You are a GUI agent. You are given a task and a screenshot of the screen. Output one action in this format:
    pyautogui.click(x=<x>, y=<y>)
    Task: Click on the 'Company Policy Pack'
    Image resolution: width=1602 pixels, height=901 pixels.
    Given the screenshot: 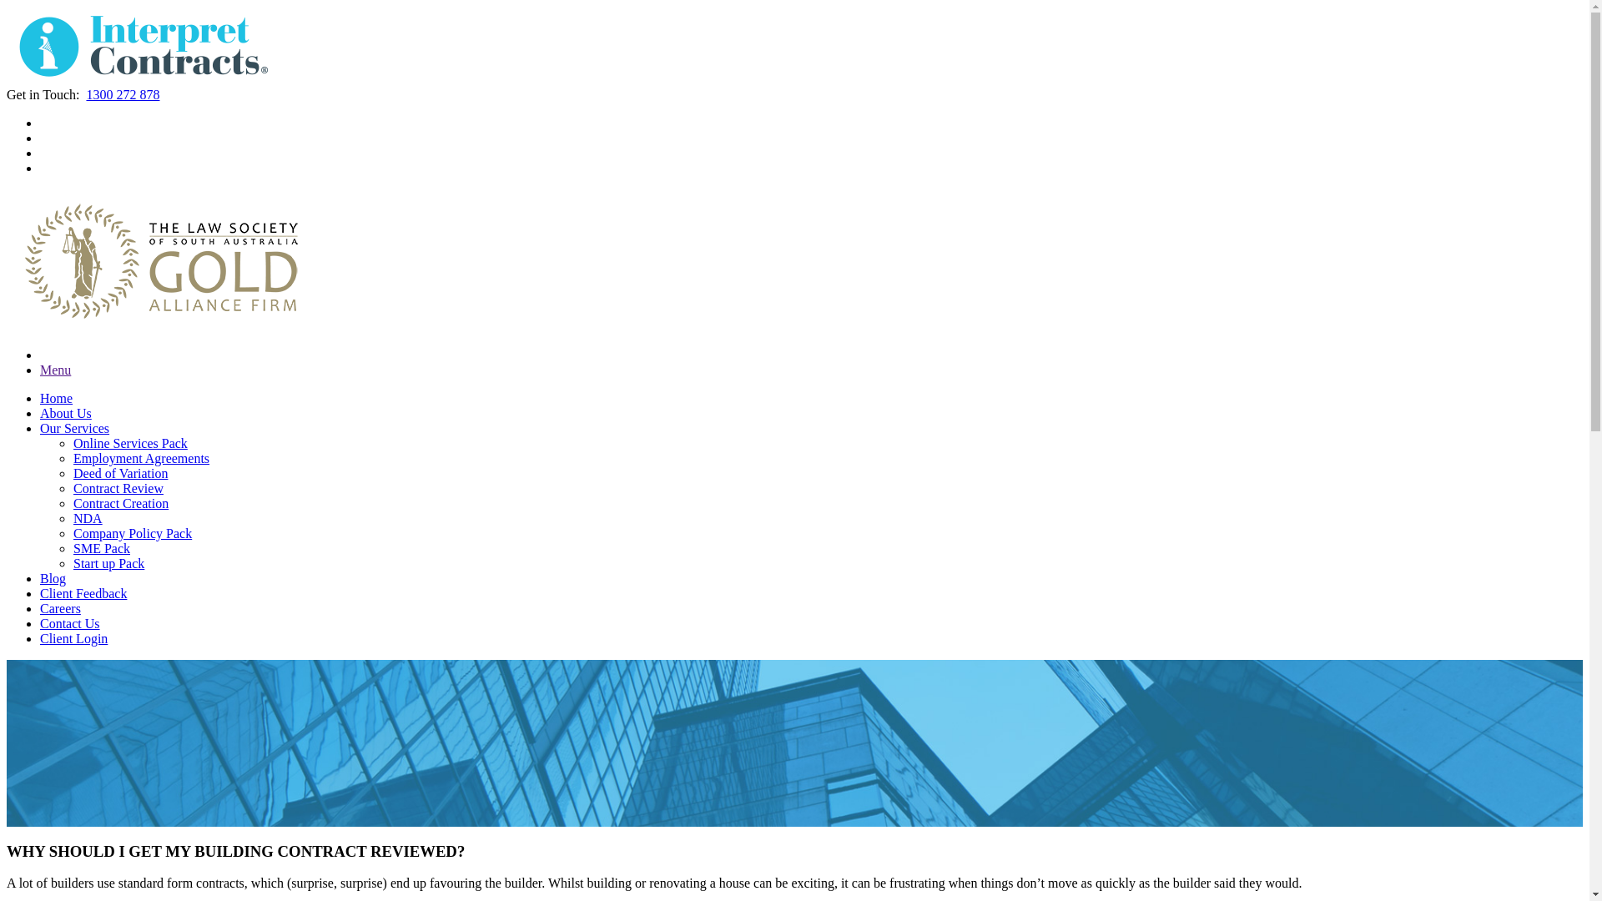 What is the action you would take?
    pyautogui.click(x=131, y=533)
    